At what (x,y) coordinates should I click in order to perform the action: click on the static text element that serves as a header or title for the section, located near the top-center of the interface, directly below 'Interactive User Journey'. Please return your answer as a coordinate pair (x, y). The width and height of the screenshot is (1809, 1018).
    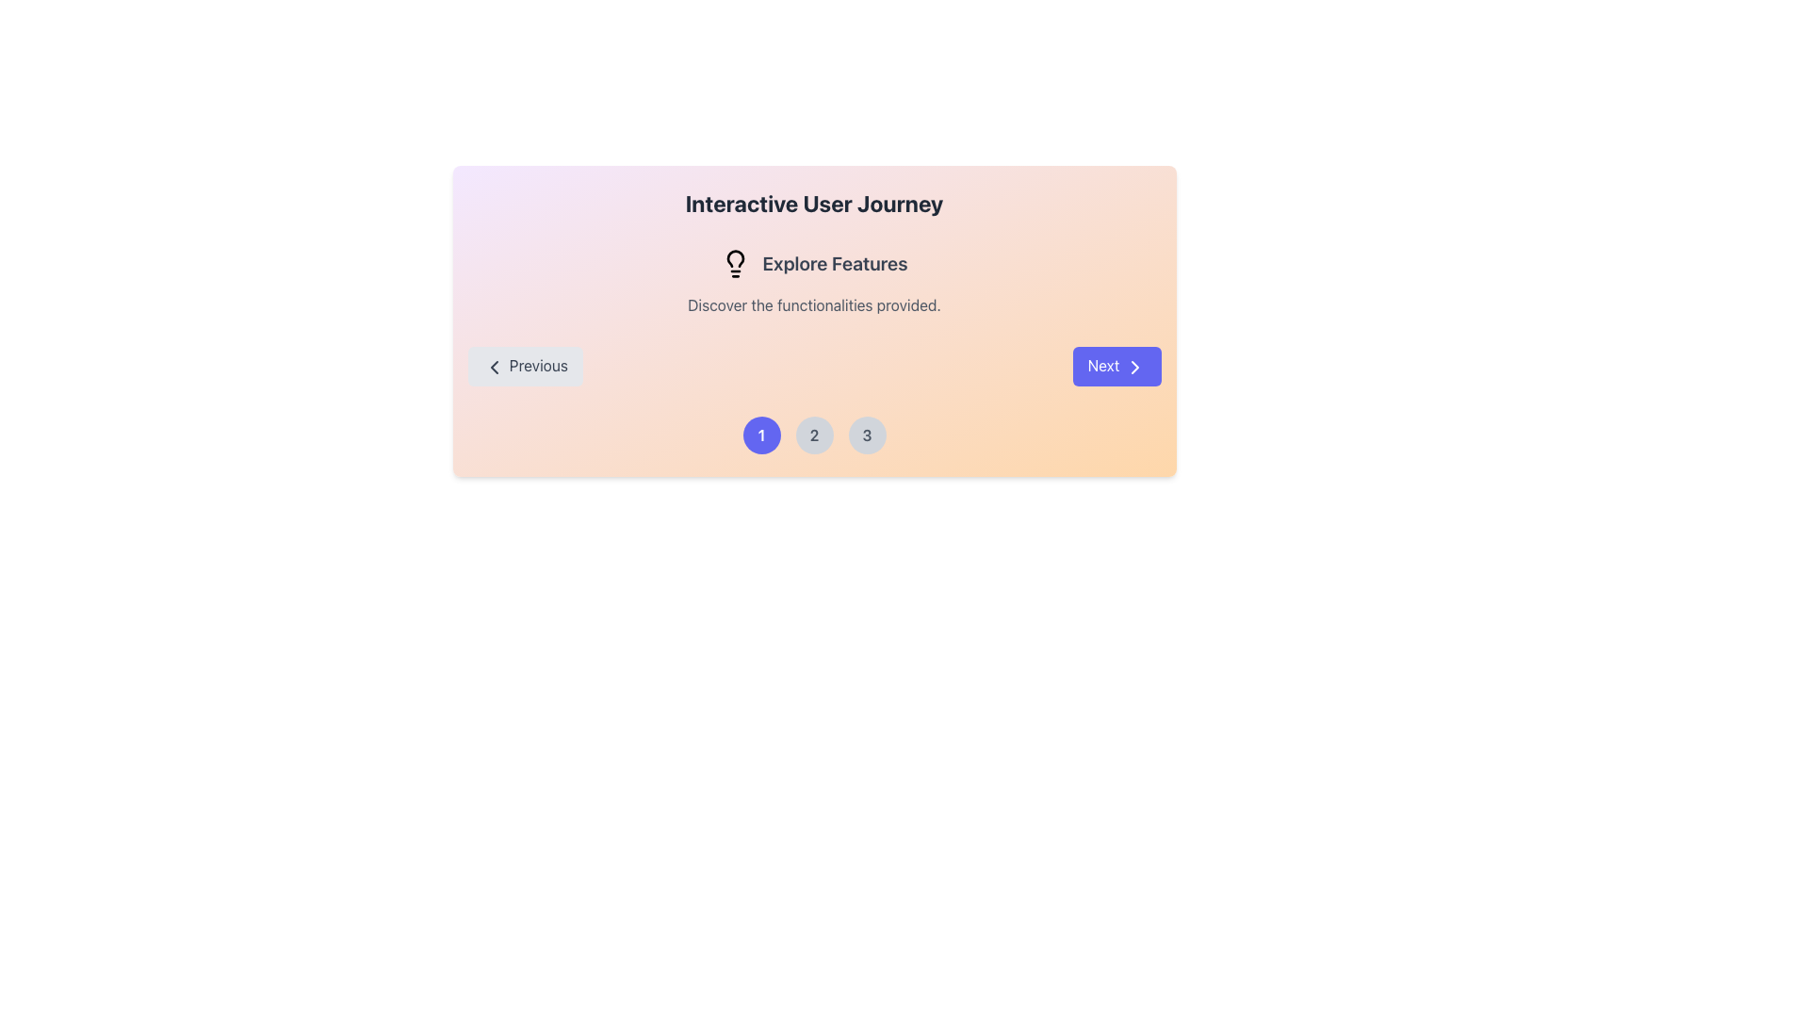
    Looking at the image, I should click on (814, 264).